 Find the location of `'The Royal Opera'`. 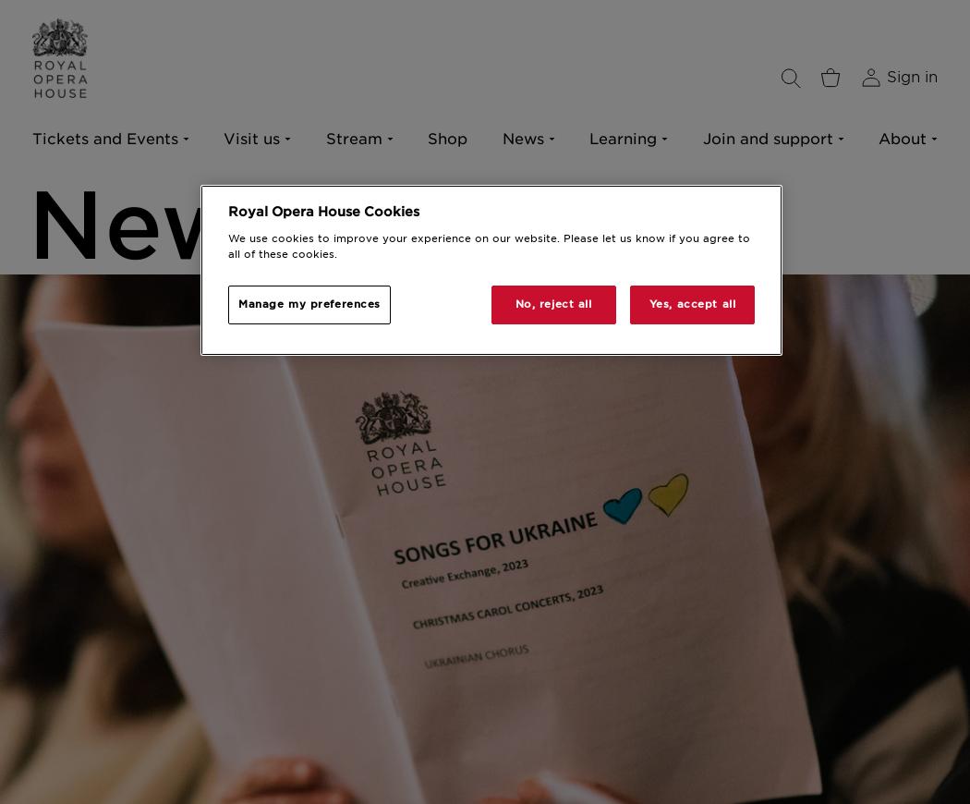

'The Royal Opera' is located at coordinates (97, 196).